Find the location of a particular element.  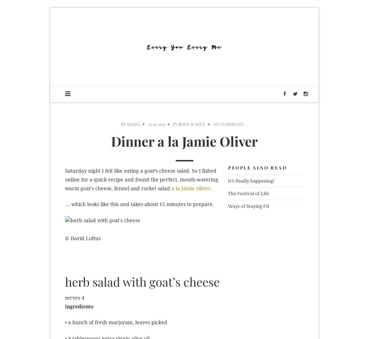

'… which looks like this and takes about 15 minutes to prepare.' is located at coordinates (65, 204).